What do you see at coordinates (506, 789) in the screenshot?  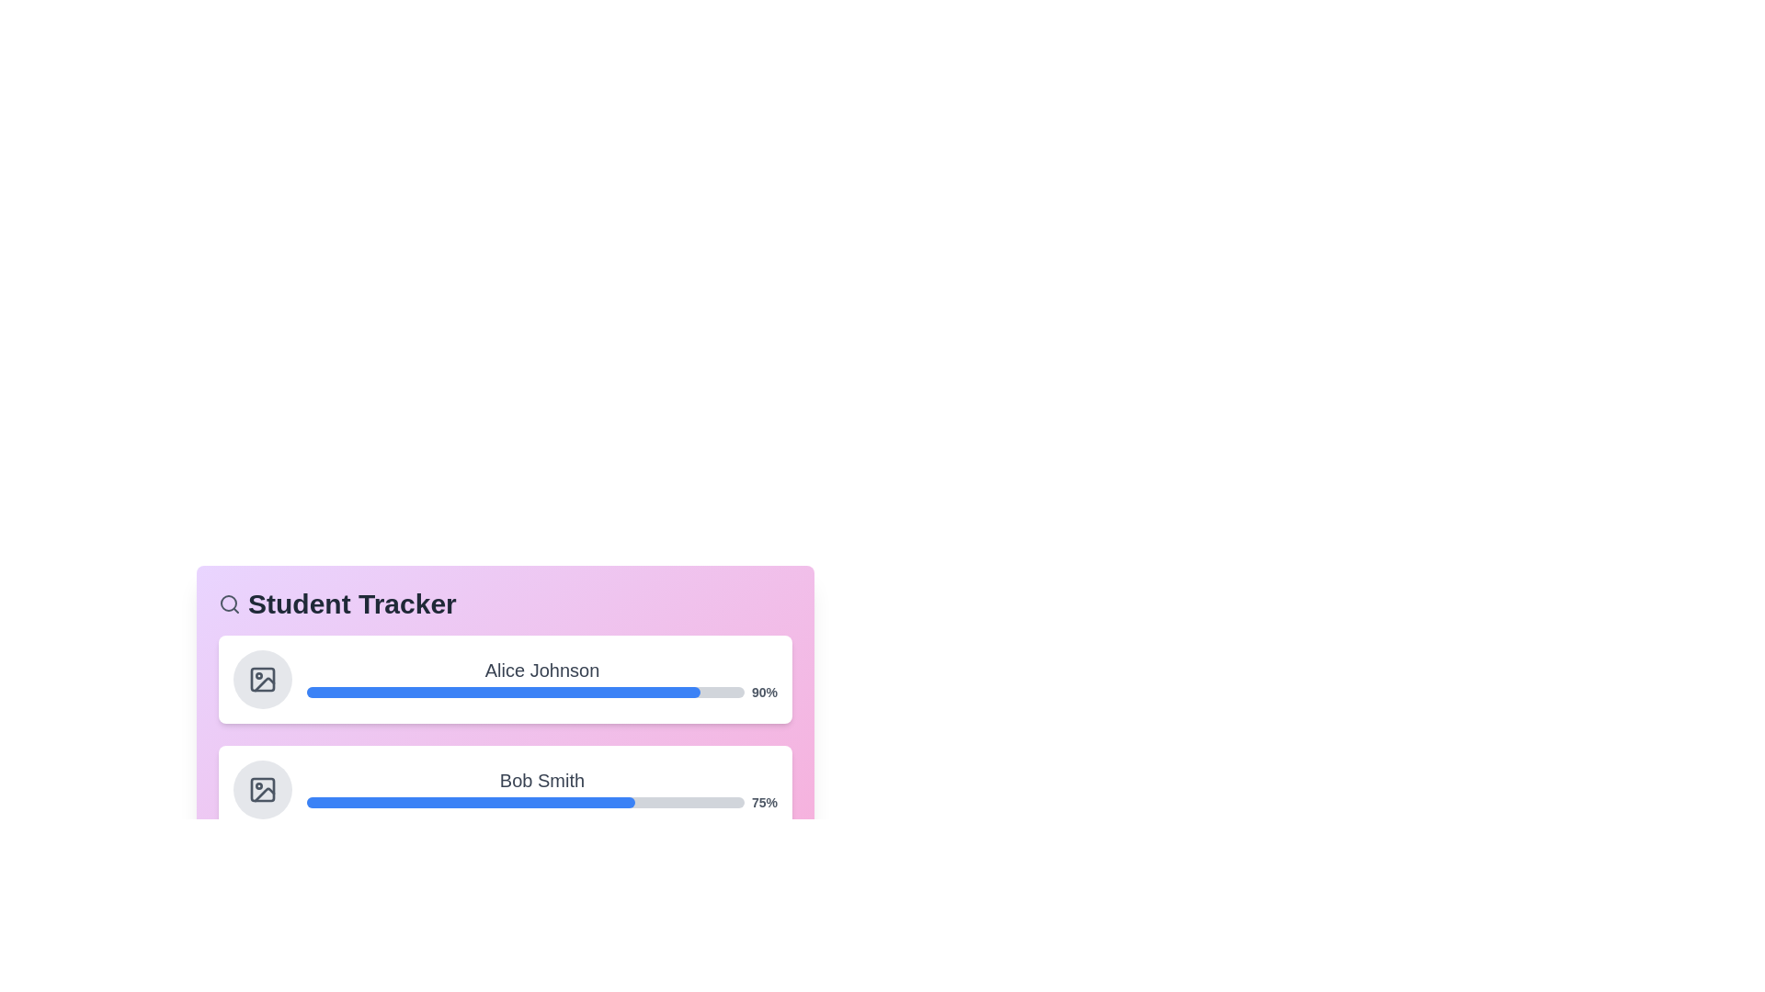 I see `the progress bar of Bob Smith to view their details` at bounding box center [506, 789].